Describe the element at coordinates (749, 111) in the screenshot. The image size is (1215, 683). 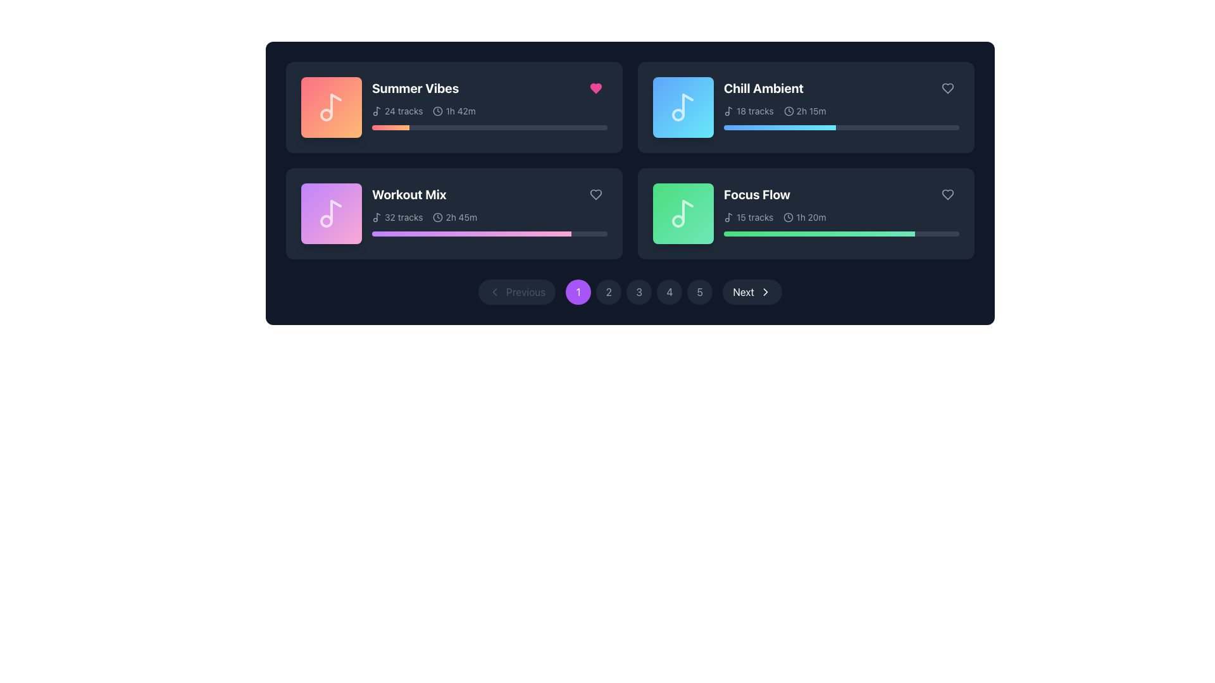
I see `the text element displaying the number of music tracks available in the 'Chill Ambient' category, located in the top-right music card, next to the duration label '2h 15m'` at that location.